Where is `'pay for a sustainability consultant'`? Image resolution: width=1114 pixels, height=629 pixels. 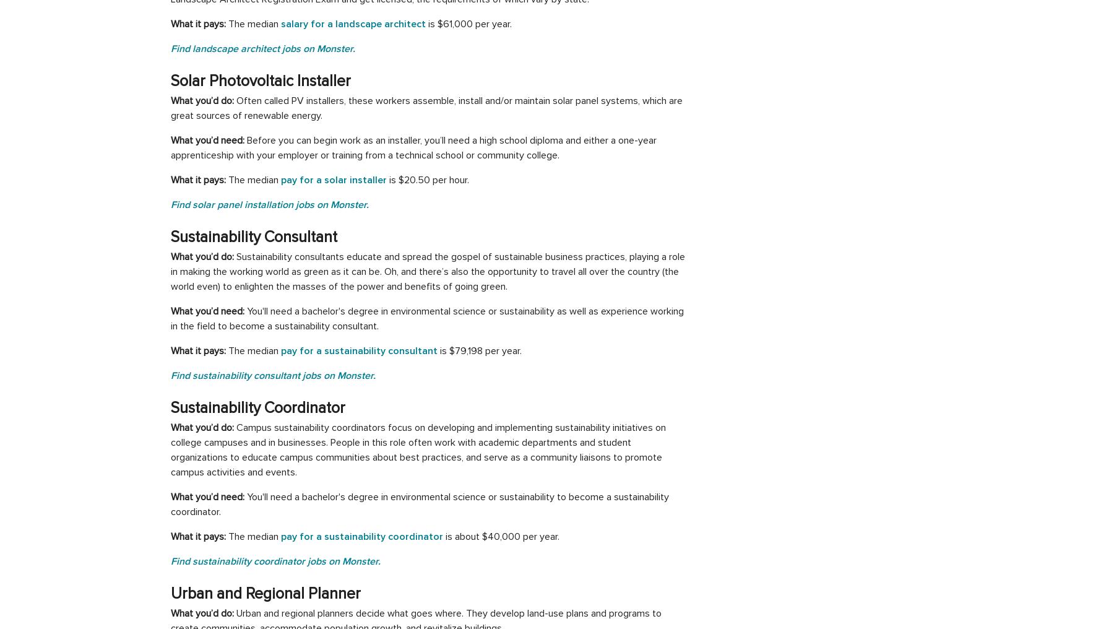 'pay for a sustainability consultant' is located at coordinates (359, 350).